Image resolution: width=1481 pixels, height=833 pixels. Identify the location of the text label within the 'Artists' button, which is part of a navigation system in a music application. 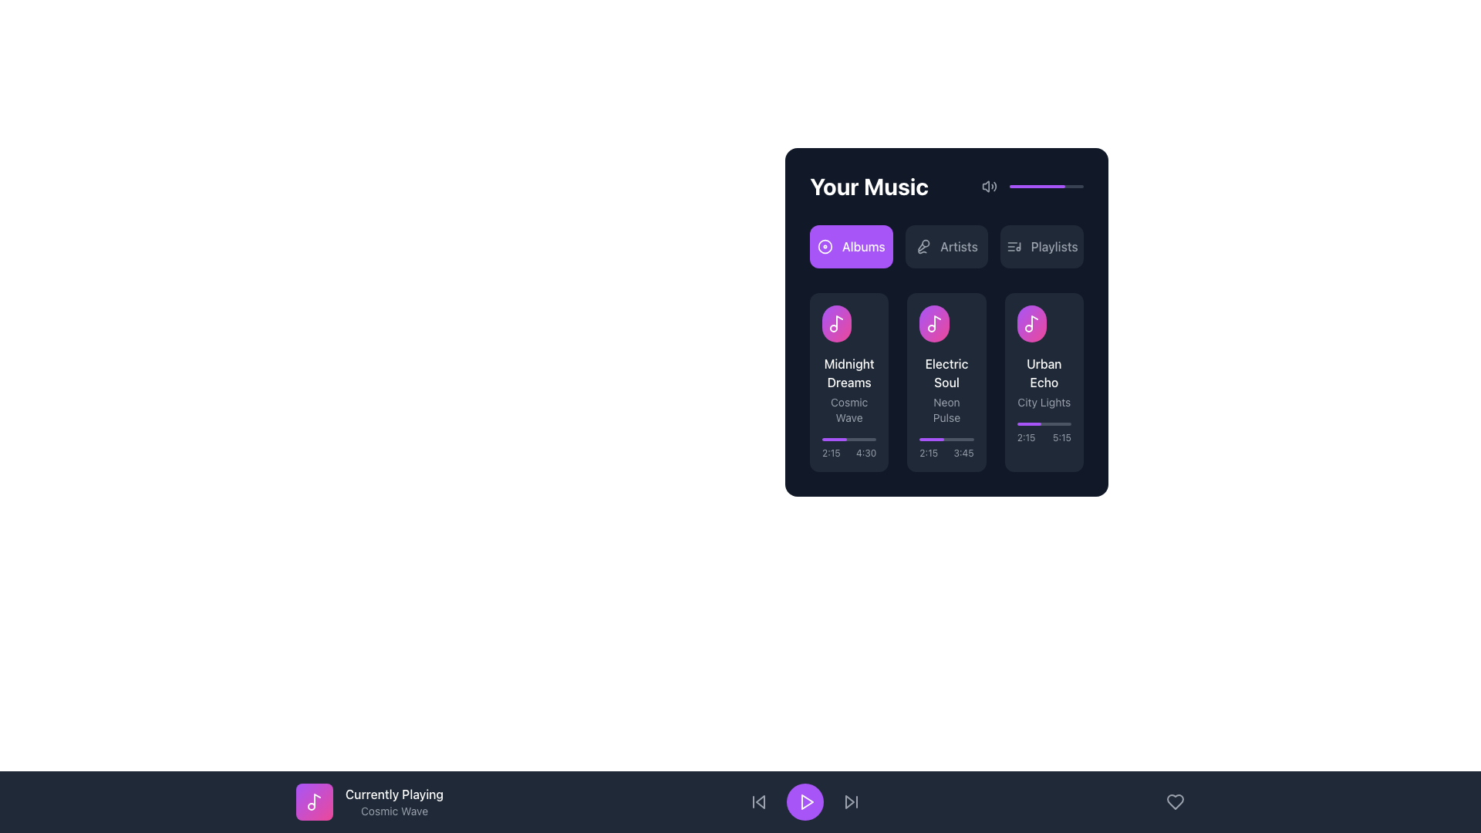
(958, 246).